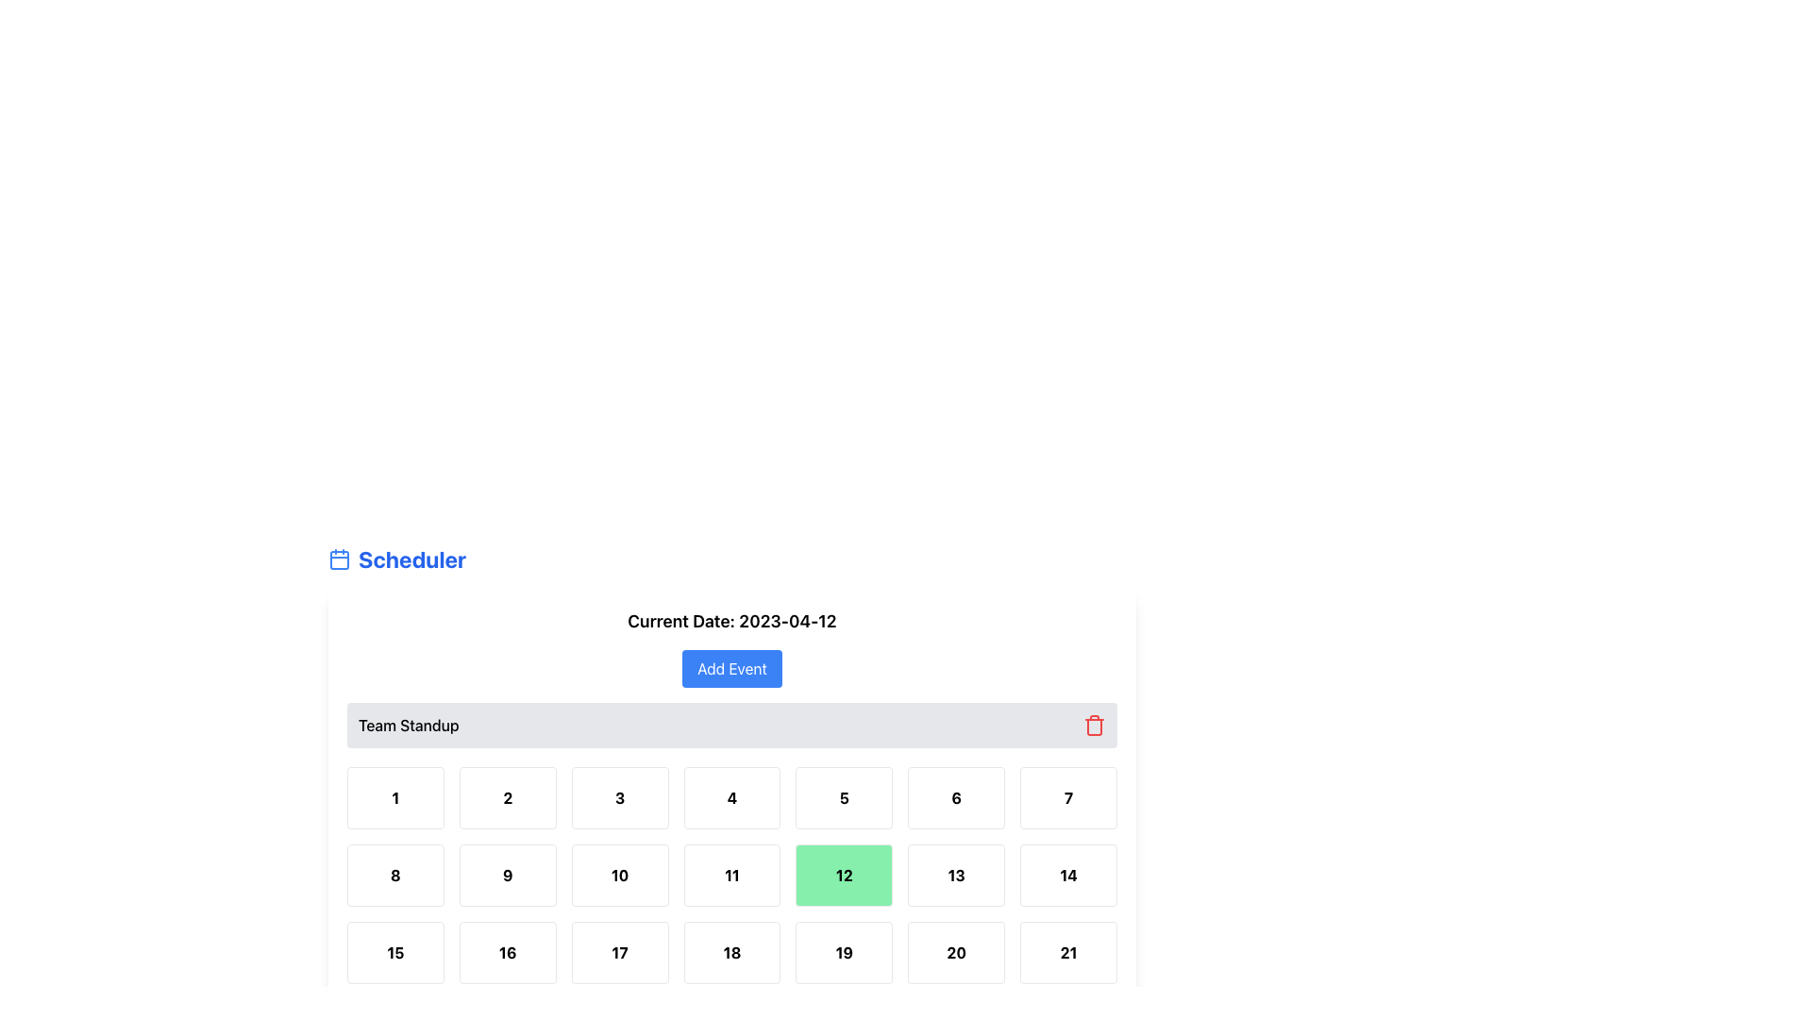 Image resolution: width=1812 pixels, height=1019 pixels. I want to click on the button displaying the number '7' located in the top row as the 7th cell from the left in a grid layout, adjacent to the number '6' and above the number '14', so click(1068, 797).